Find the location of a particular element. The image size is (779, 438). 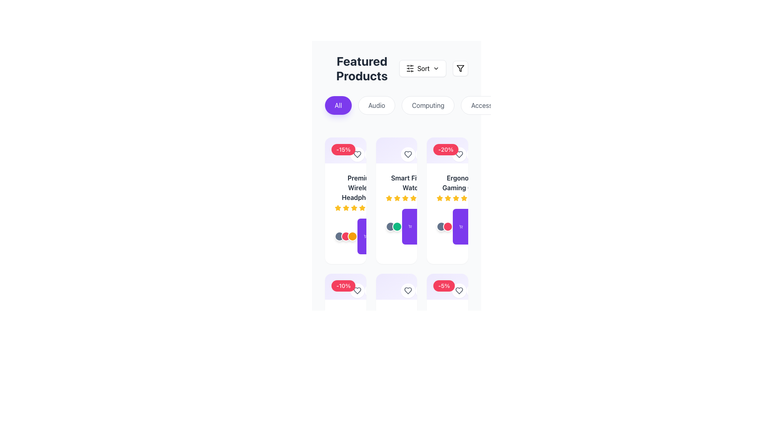

the 'Add to Cart' button located at the bottom section of the product card is located at coordinates (378, 236).